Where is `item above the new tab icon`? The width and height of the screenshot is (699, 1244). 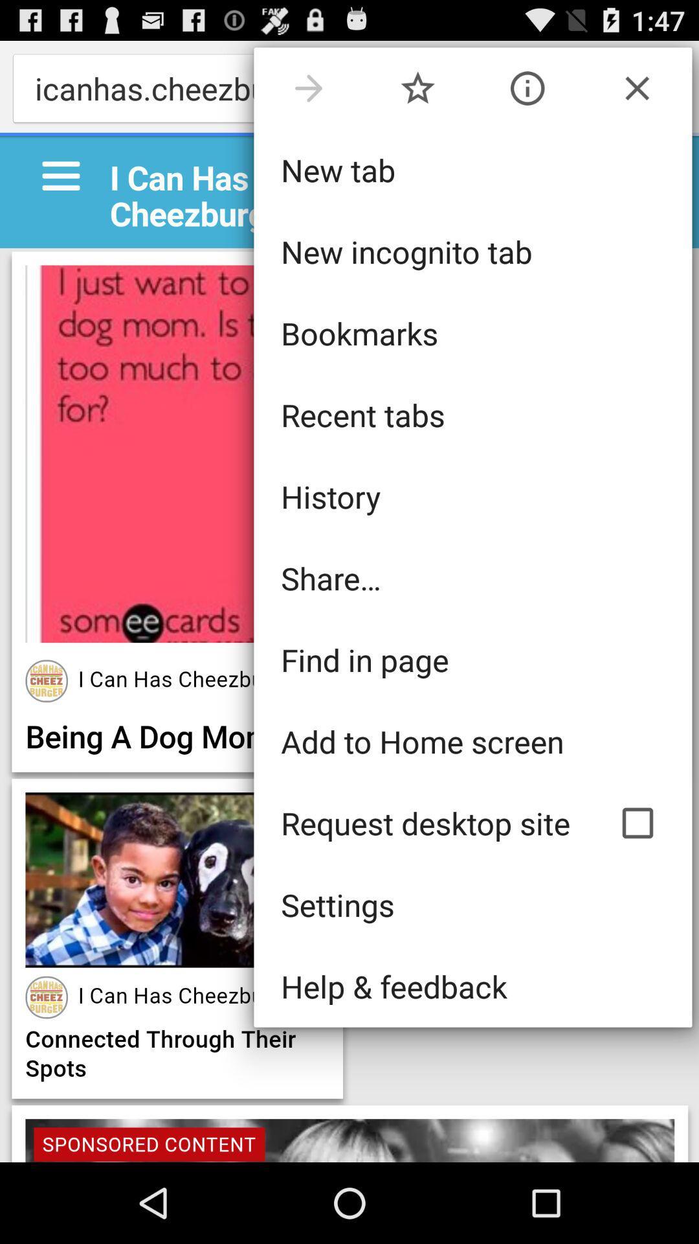 item above the new tab icon is located at coordinates (417, 87).